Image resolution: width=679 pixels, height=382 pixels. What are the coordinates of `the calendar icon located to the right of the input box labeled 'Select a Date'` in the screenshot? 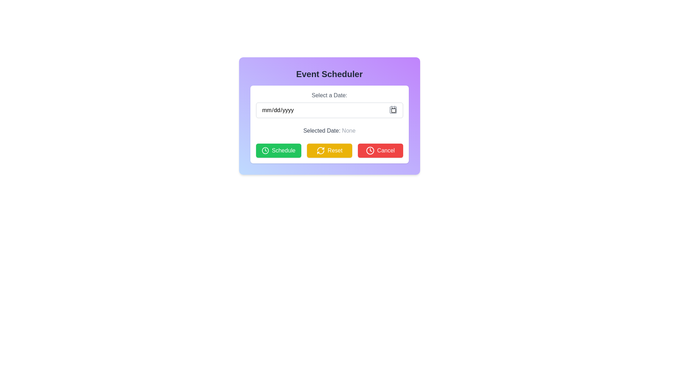 It's located at (393, 109).